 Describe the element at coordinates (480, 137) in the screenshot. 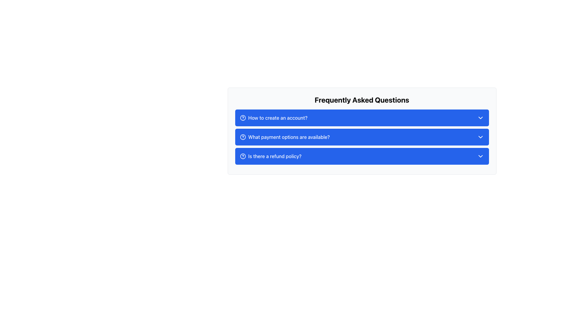

I see `the chevron-down icon located to the far right of the text 'What payment options are available?'` at that location.